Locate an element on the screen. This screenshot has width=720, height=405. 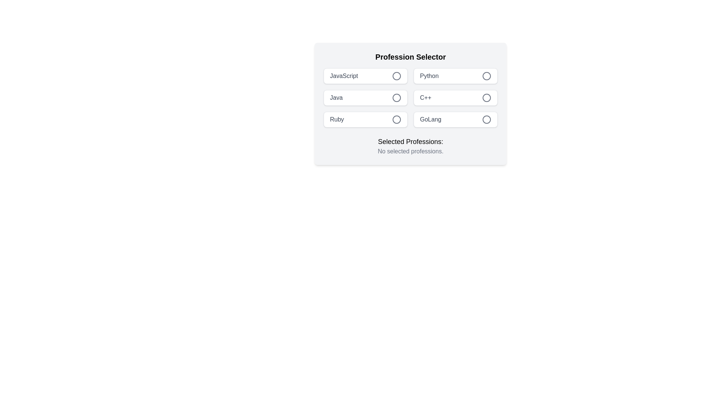
the radio button for the 'Ruby' selection option is located at coordinates (396, 119).